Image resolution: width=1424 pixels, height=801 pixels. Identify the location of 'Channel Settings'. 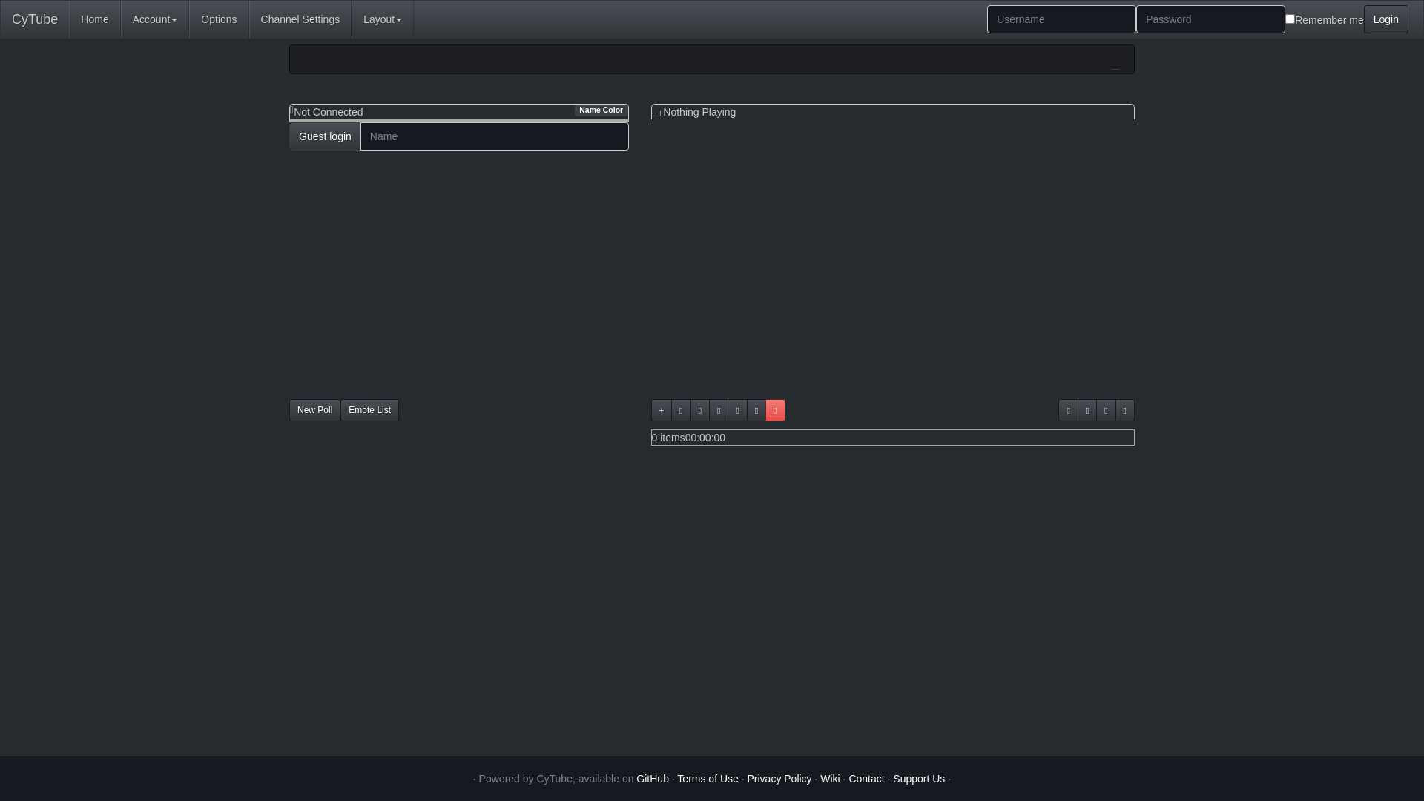
(300, 19).